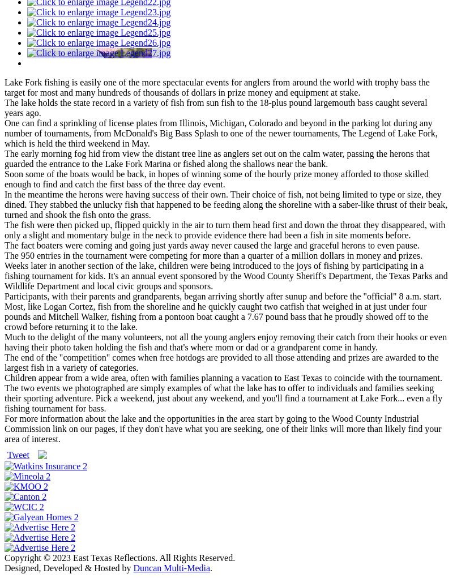  Describe the element at coordinates (211, 567) in the screenshot. I see `'.'` at that location.